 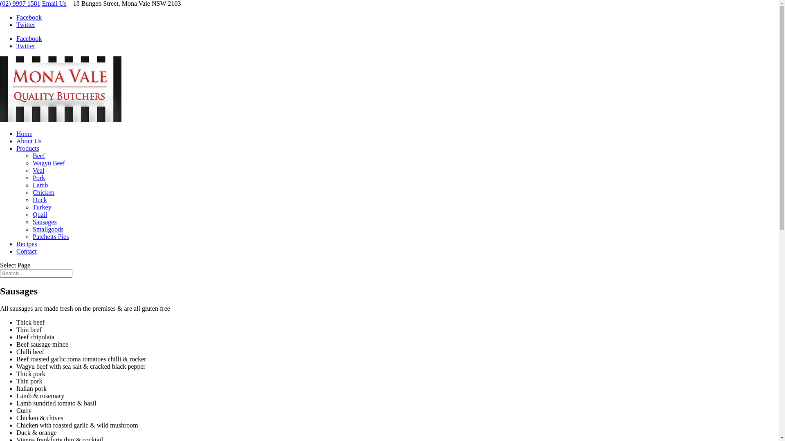 I want to click on '(02) 9997 1581', so click(x=20, y=3).